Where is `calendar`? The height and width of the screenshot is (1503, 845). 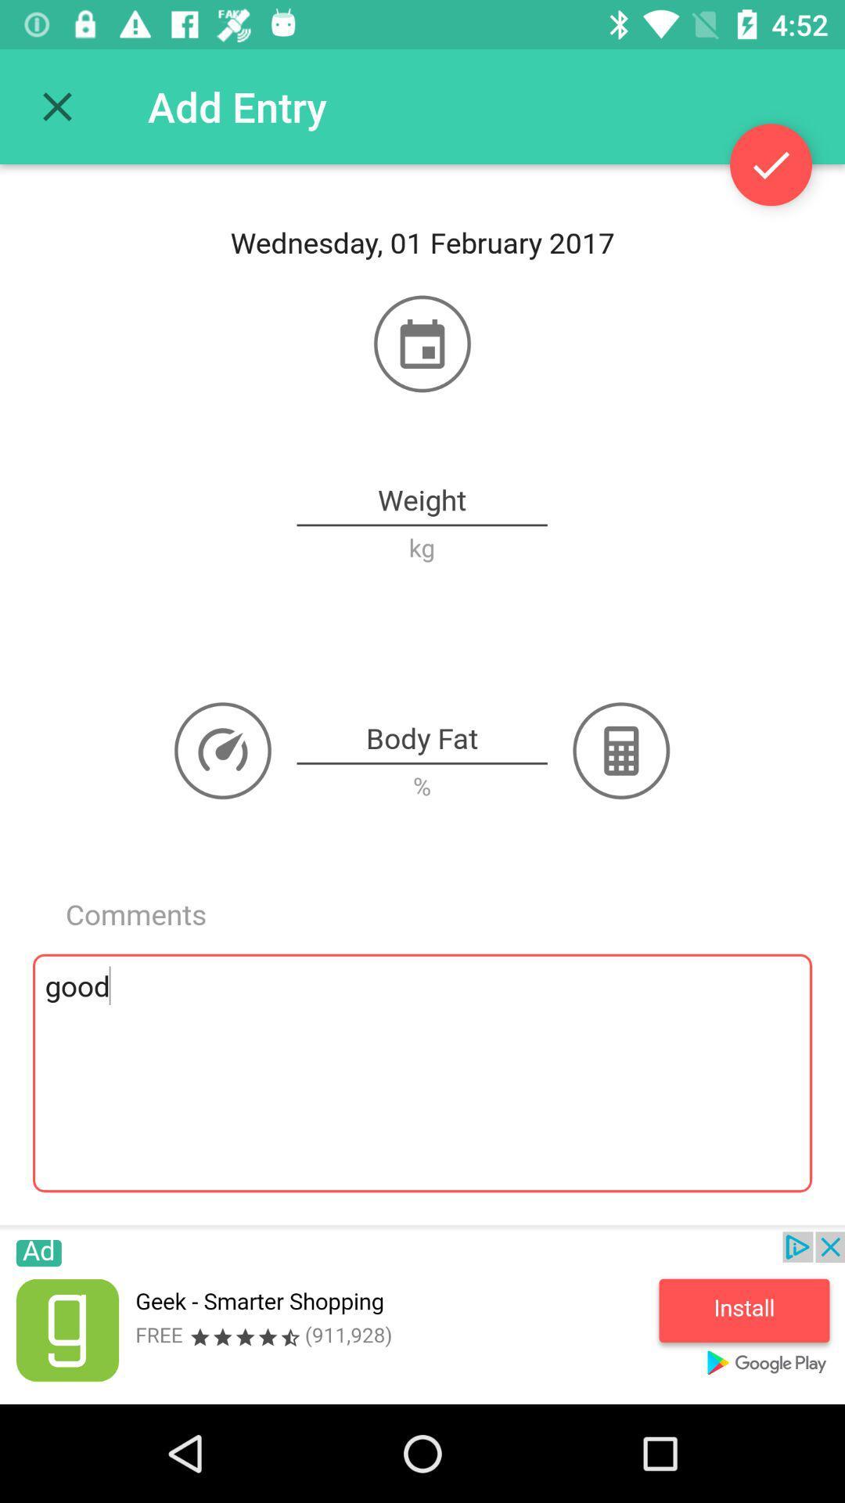
calendar is located at coordinates (422, 343).